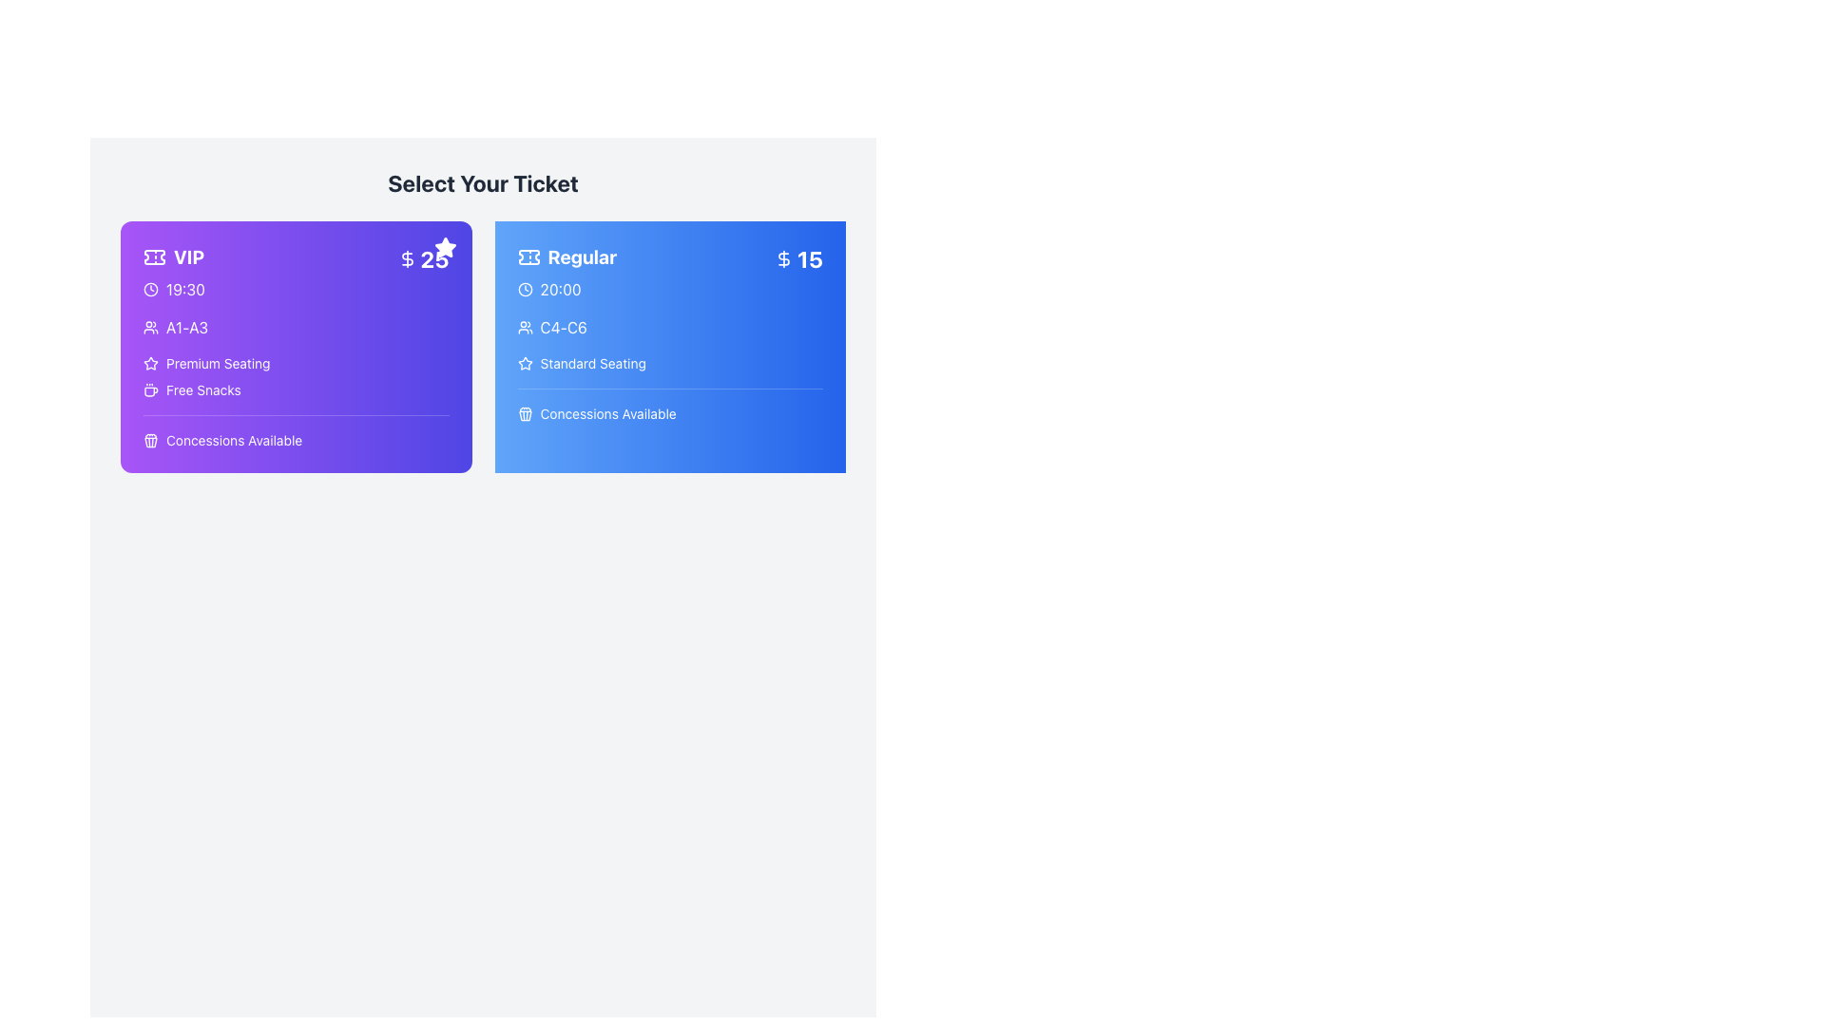  Describe the element at coordinates (174, 272) in the screenshot. I see `properties of the Information display section that features 'VIP' in bold next to a ticket icon, and a clock icon followed by the time '19:30', located on a purple background` at that location.